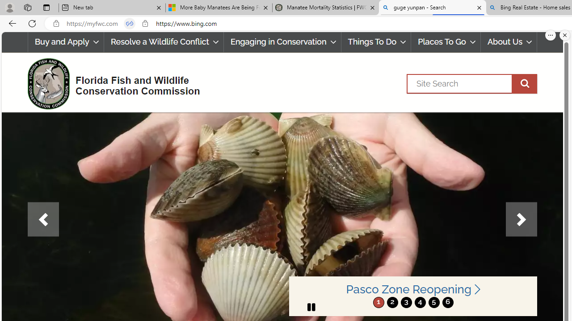  I want to click on 'Close split screen.', so click(564, 35).